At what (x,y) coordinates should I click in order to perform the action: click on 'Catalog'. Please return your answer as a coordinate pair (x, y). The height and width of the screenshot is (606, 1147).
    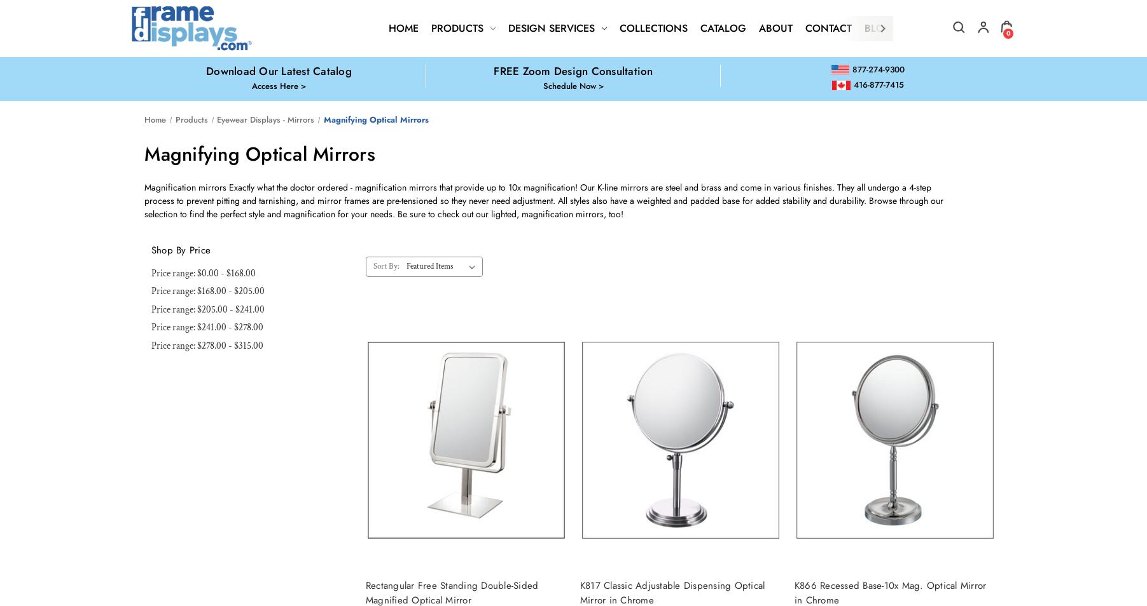
    Looking at the image, I should click on (723, 27).